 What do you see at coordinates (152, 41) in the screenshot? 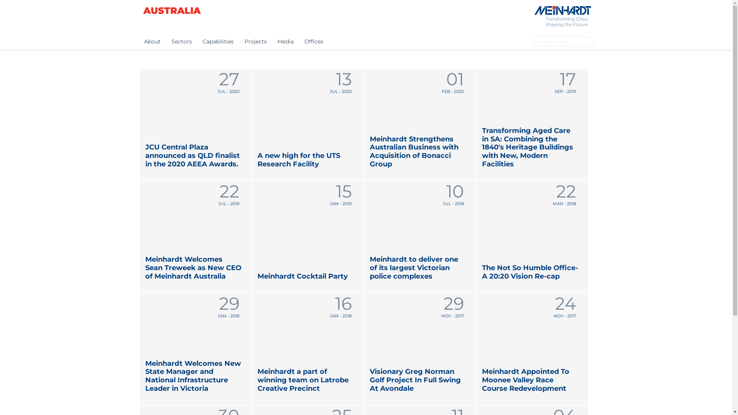
I see `'About'` at bounding box center [152, 41].